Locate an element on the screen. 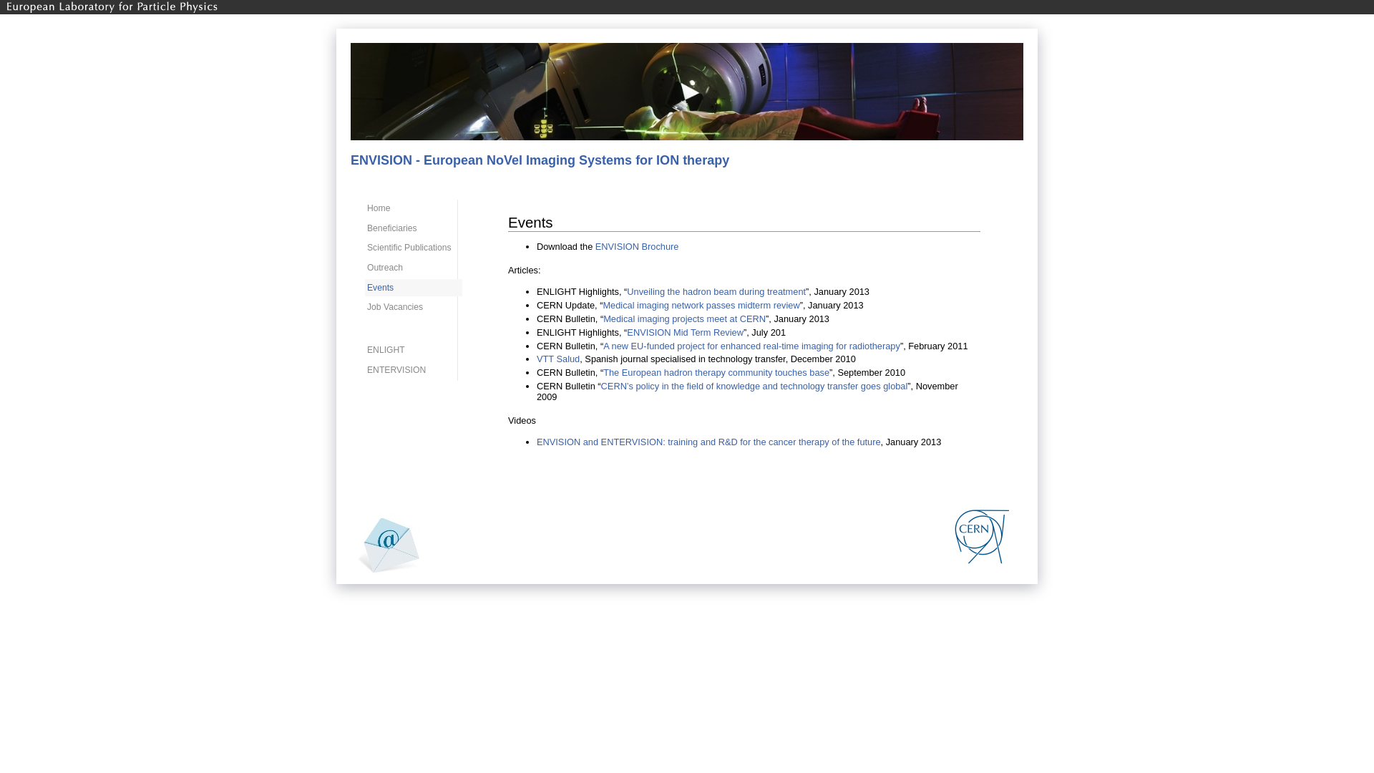  'ENVISION Mid Term Review' is located at coordinates (684, 332).